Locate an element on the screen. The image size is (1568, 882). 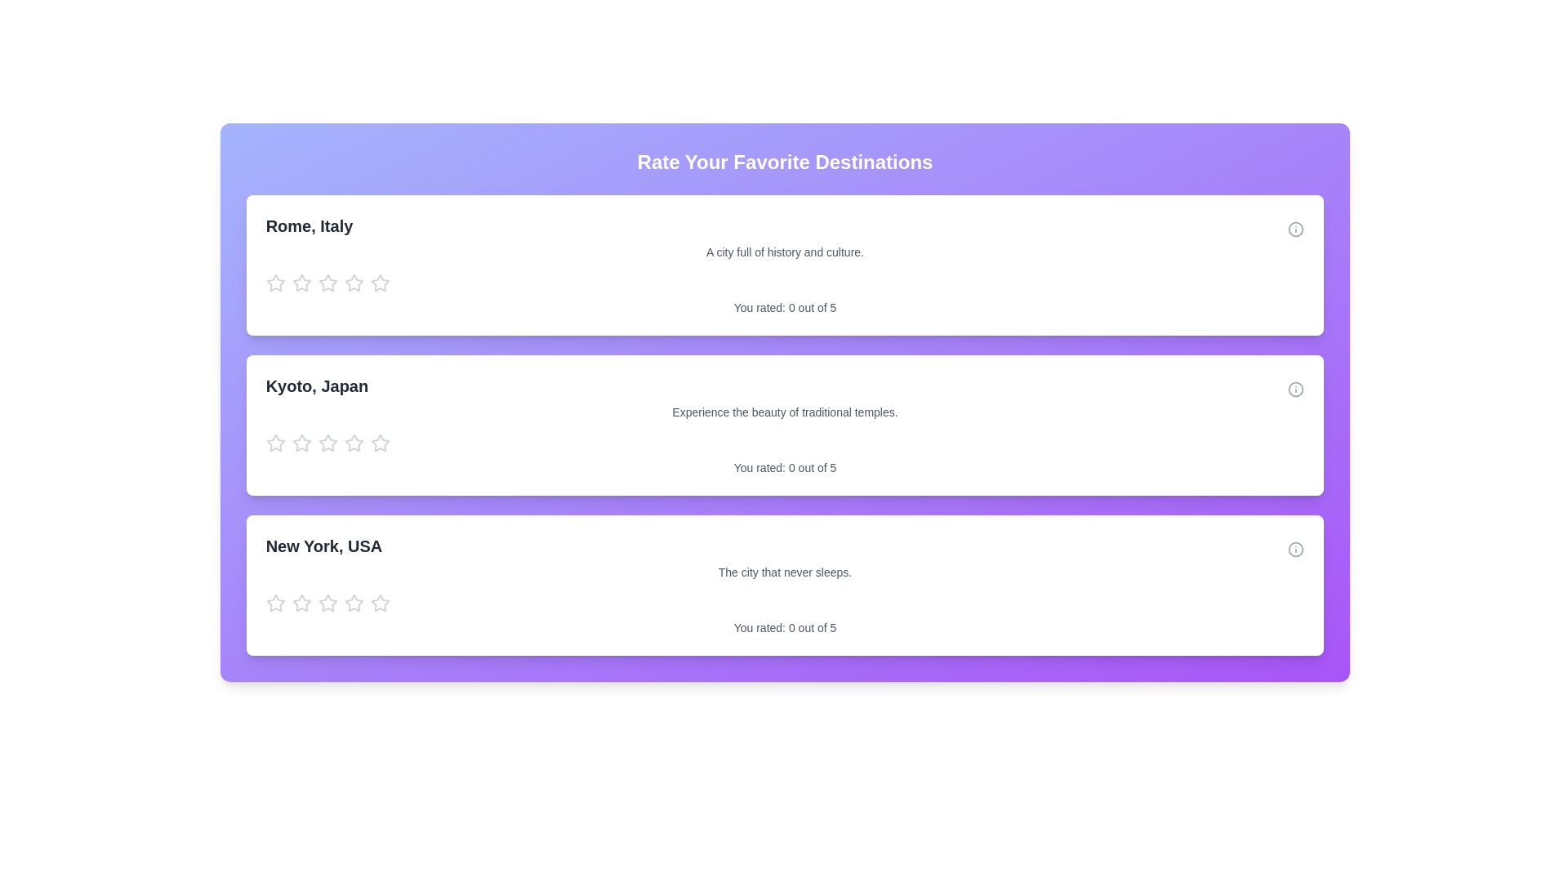
the fifth star icon in the rating row for 'New York, USA' to register a rating of 5 out of 5 is located at coordinates (353, 604).